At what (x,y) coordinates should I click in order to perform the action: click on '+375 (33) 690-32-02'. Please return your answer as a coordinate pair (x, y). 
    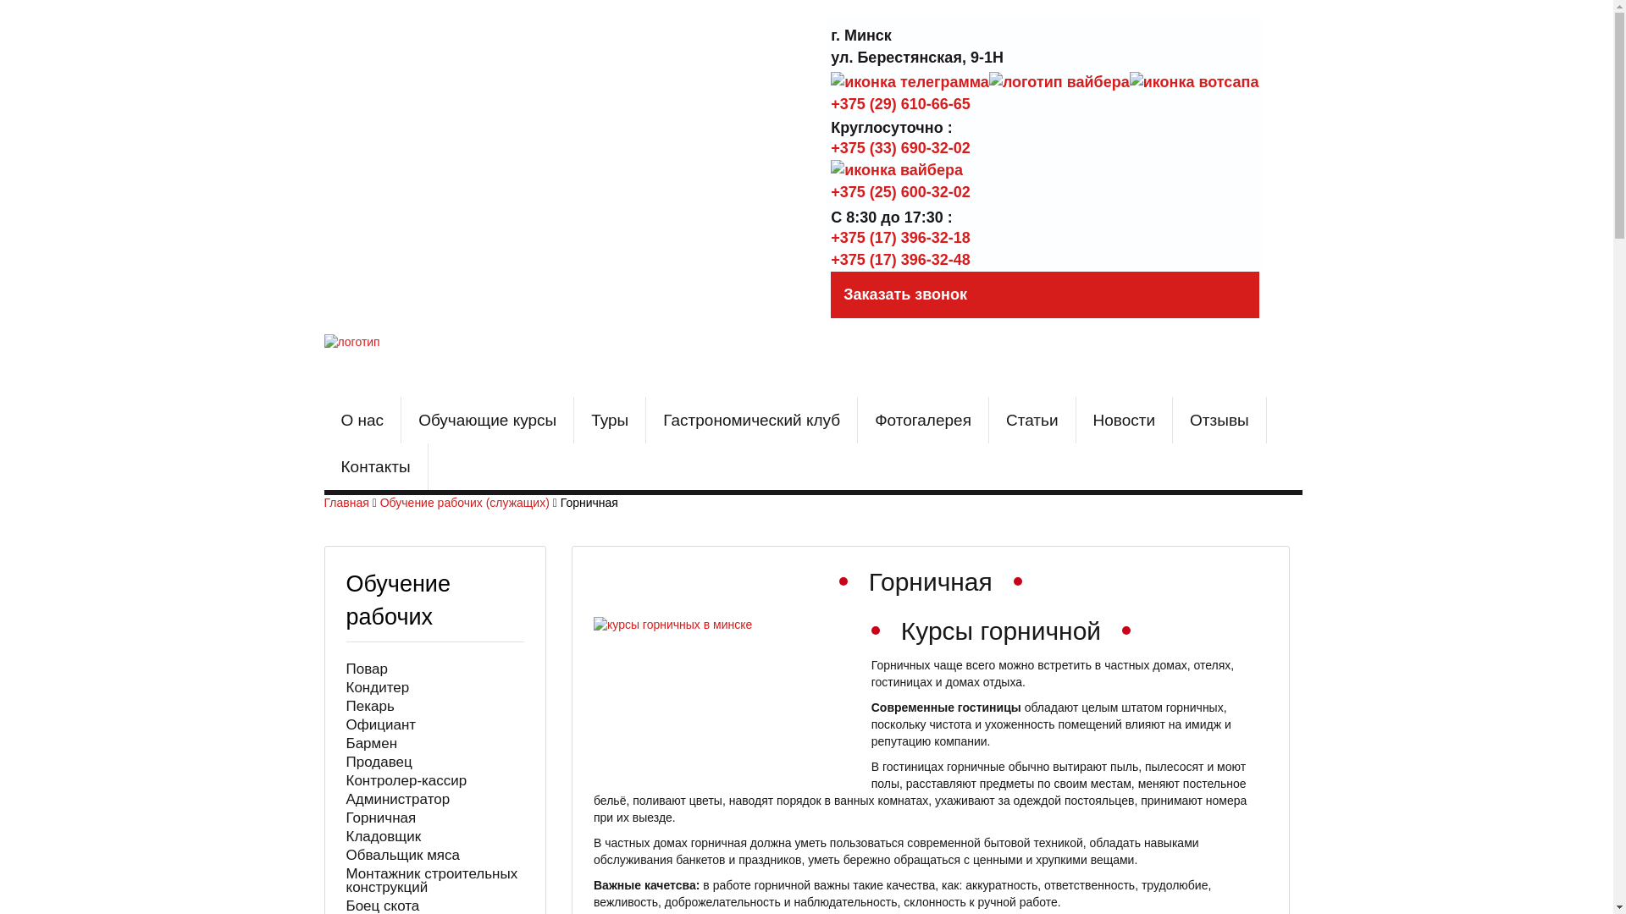
    Looking at the image, I should click on (899, 146).